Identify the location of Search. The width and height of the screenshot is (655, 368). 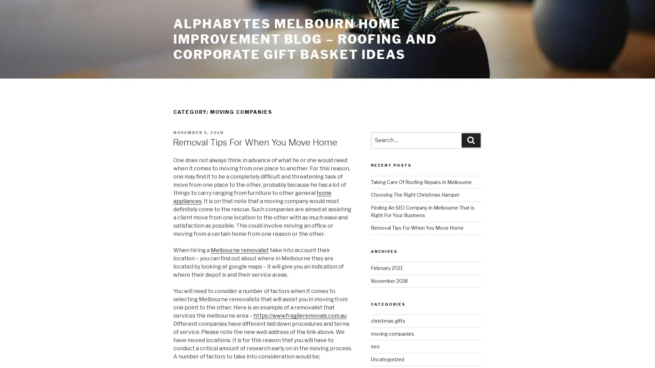
(471, 140).